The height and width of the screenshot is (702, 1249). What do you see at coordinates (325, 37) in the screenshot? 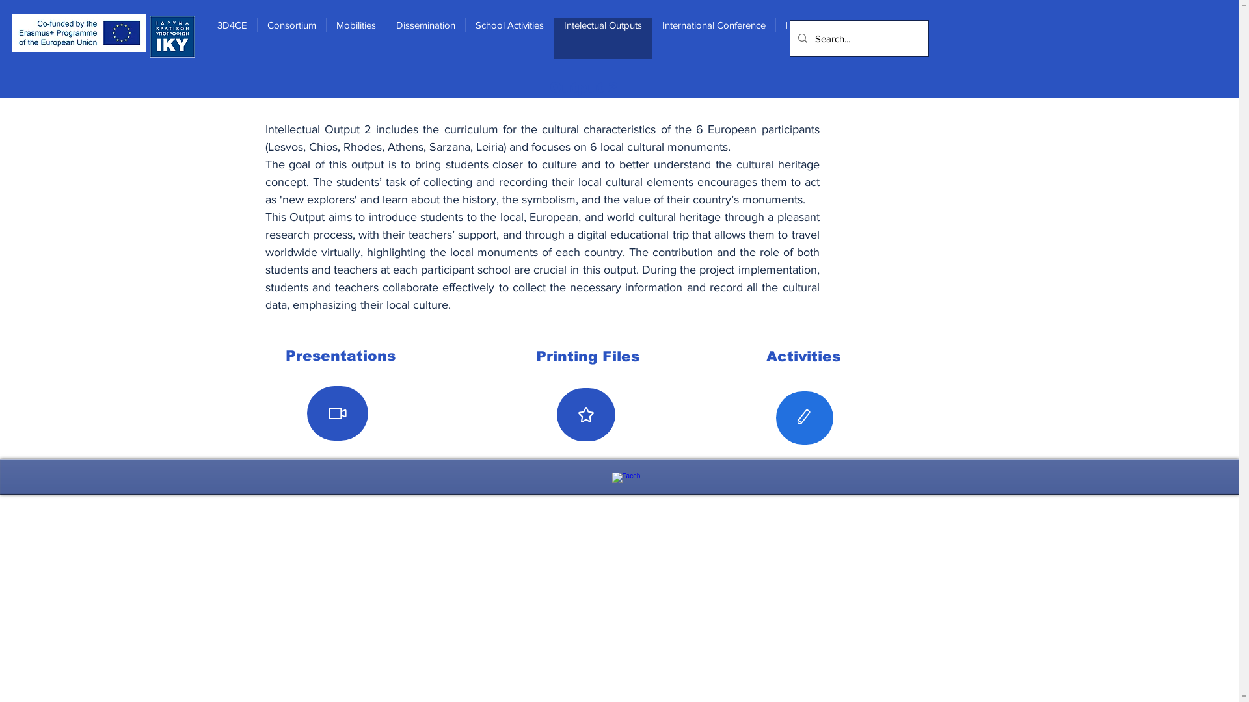
I see `'Mobilities'` at bounding box center [325, 37].